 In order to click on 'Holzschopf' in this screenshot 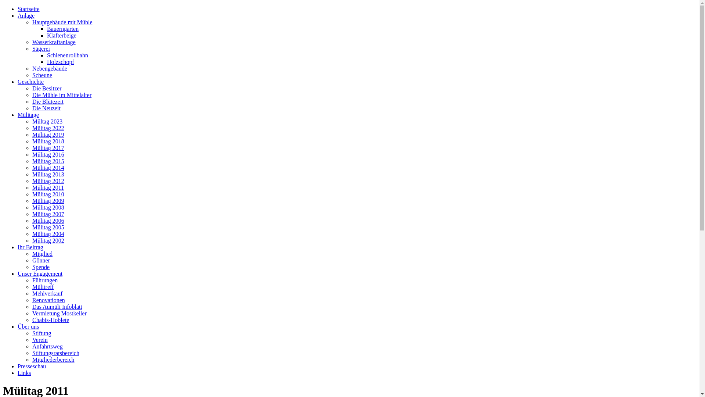, I will do `click(60, 61)`.